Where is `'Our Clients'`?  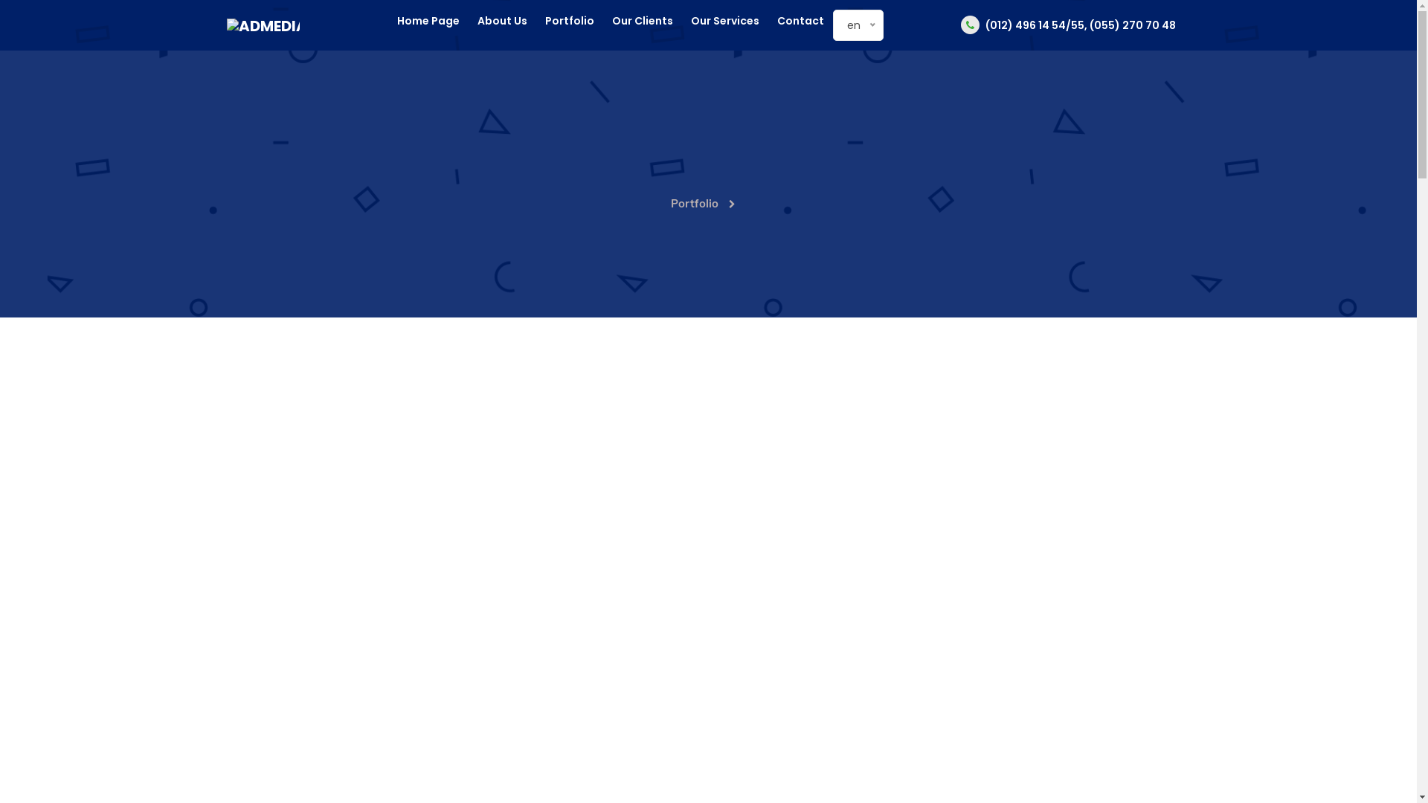 'Our Clients' is located at coordinates (643, 21).